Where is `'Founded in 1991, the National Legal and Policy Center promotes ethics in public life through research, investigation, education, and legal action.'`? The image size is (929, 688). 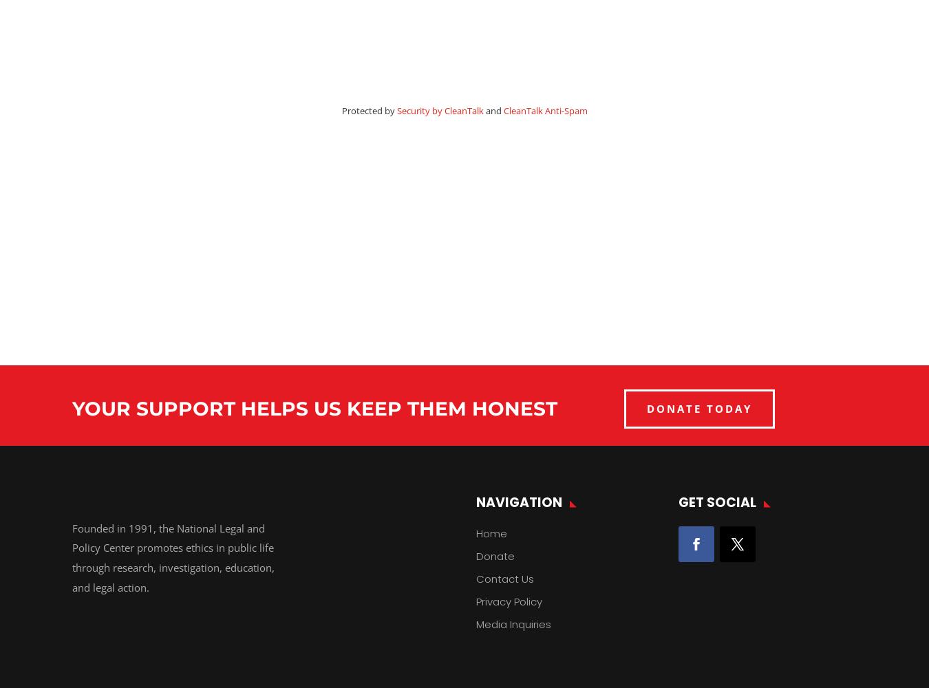
'Founded in 1991, the National Legal and Policy Center promotes ethics in public life through research, investigation, education, and legal action.' is located at coordinates (72, 557).